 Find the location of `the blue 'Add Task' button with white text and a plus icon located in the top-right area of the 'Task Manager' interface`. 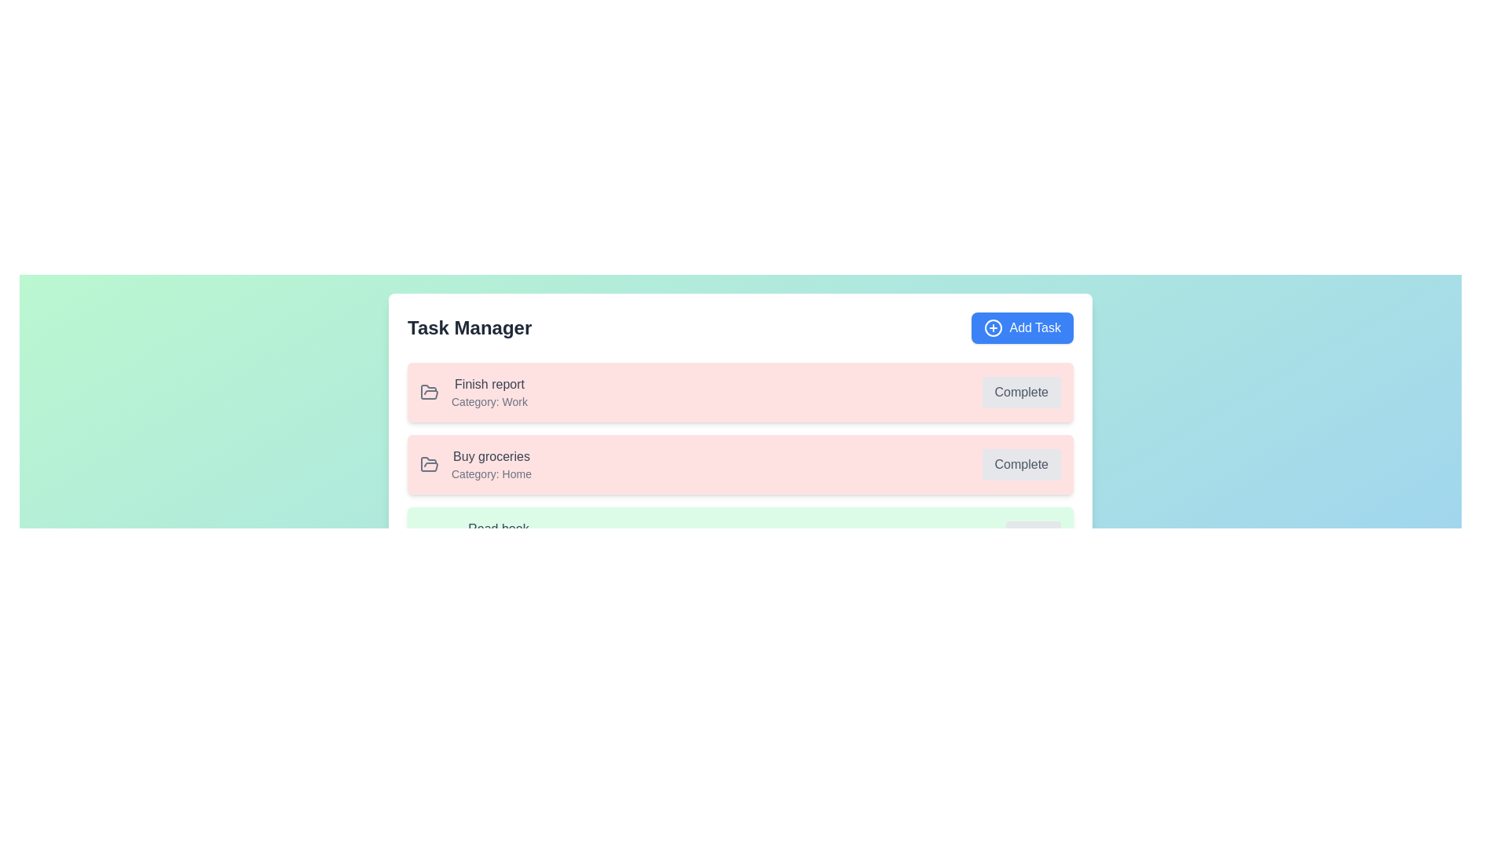

the blue 'Add Task' button with white text and a plus icon located in the top-right area of the 'Task Manager' interface is located at coordinates (1023, 327).